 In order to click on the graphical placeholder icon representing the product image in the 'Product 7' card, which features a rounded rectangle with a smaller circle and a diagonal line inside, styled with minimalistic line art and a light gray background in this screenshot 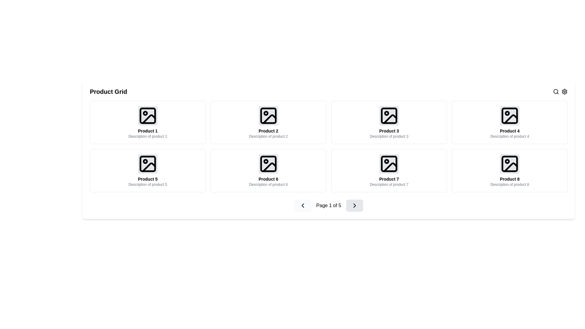, I will do `click(388, 163)`.